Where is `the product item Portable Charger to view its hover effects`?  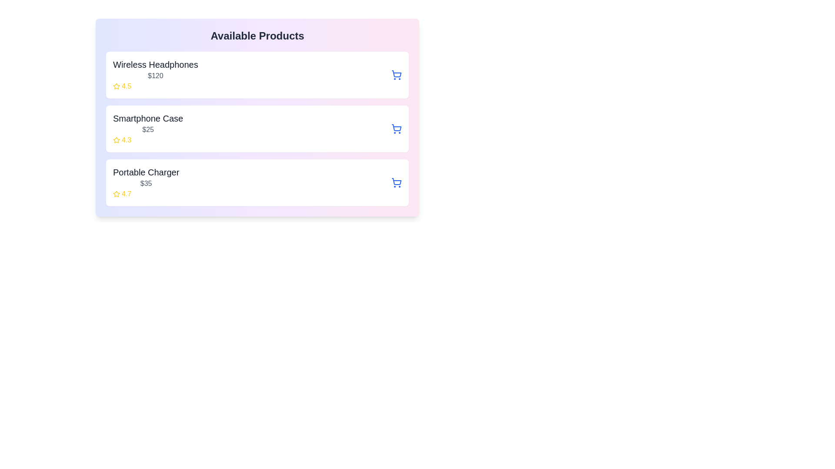 the product item Portable Charger to view its hover effects is located at coordinates (257, 182).